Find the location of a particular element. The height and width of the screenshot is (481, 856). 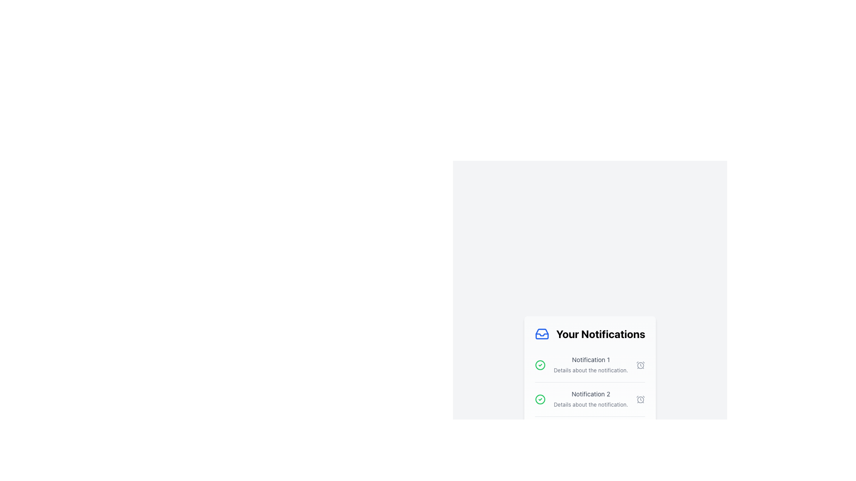

to select the first notification in the list, which contains a green check icon on the left and the text 'Notification 1' and 'Details about the notification.' is located at coordinates (590, 365).